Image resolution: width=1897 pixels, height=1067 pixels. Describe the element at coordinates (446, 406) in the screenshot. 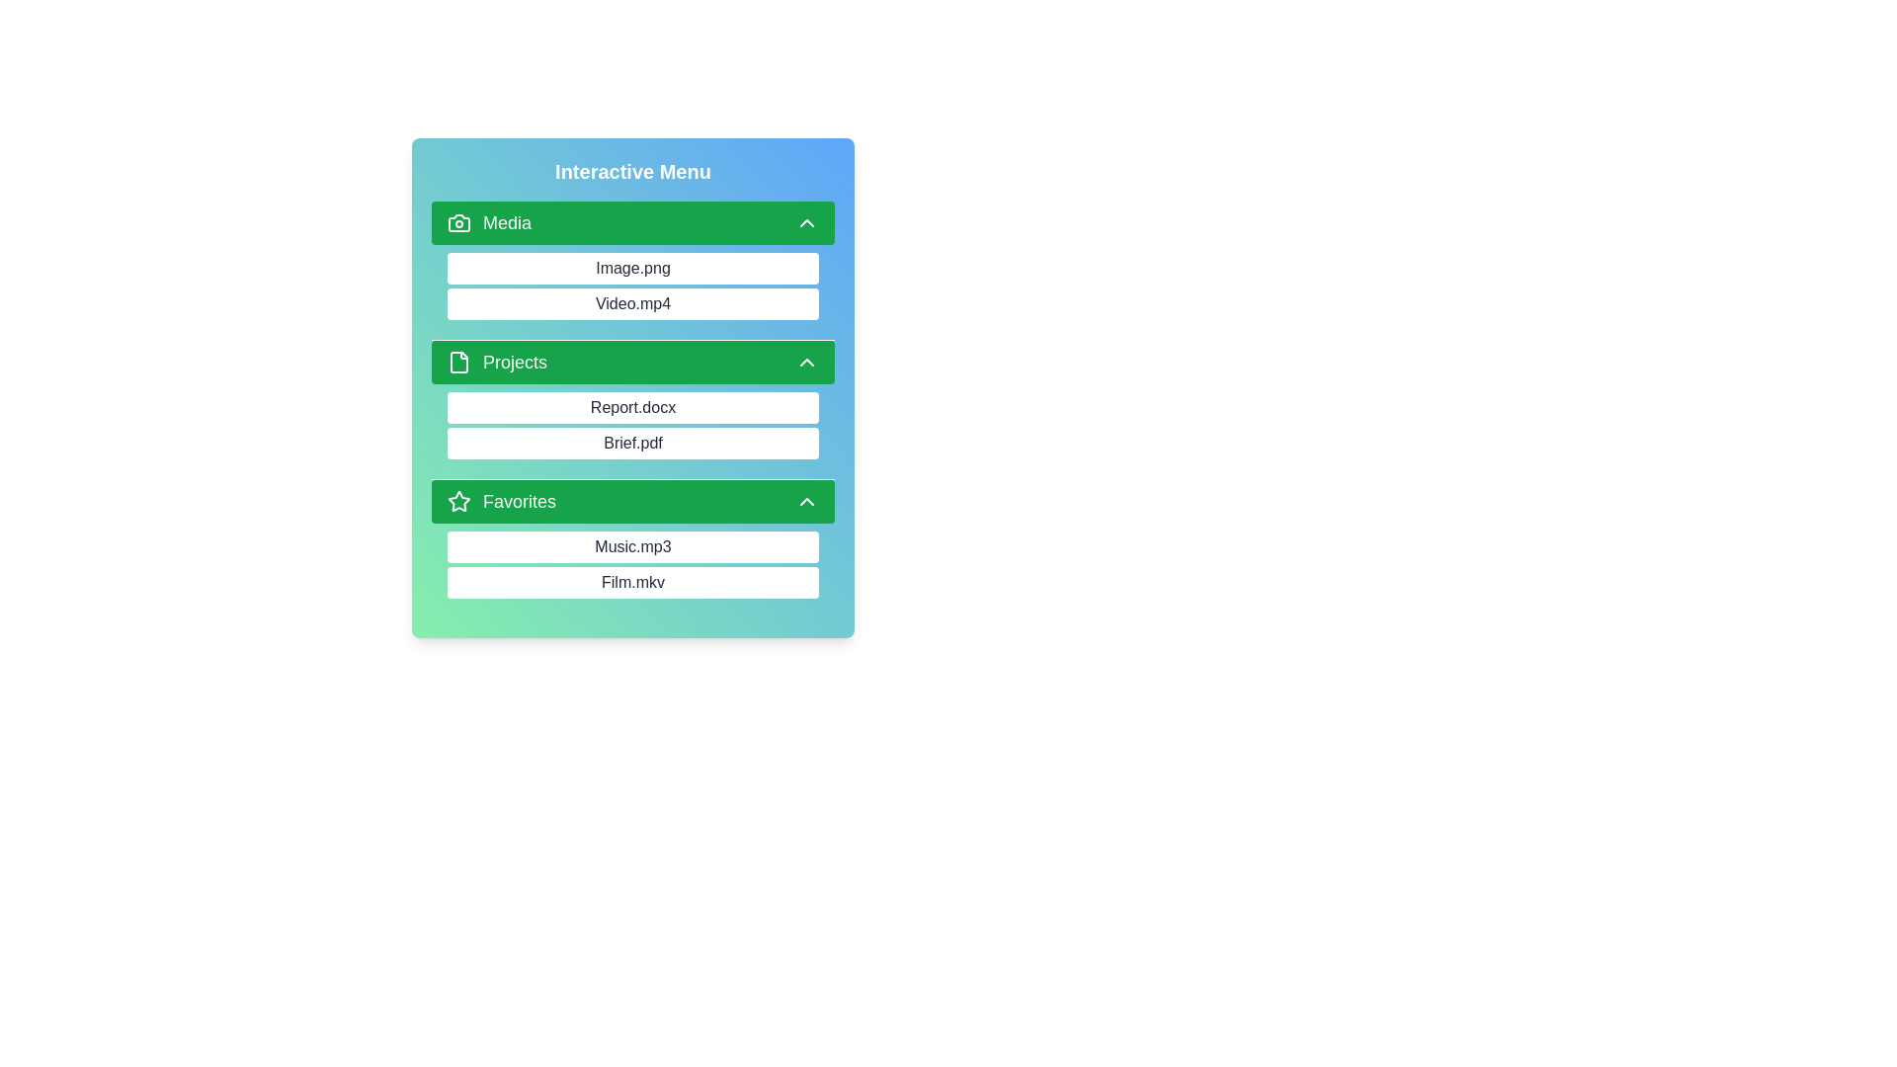

I see `the item Report.docx from the category Projects` at that location.